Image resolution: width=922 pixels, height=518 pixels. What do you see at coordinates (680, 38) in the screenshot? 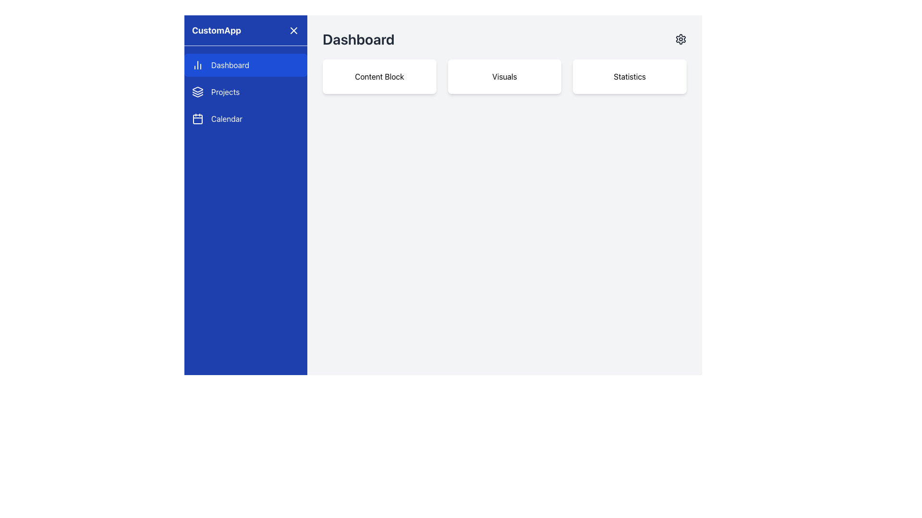
I see `the settings icon located at the top-right corner of the layout, within the header section, to select it` at bounding box center [680, 38].